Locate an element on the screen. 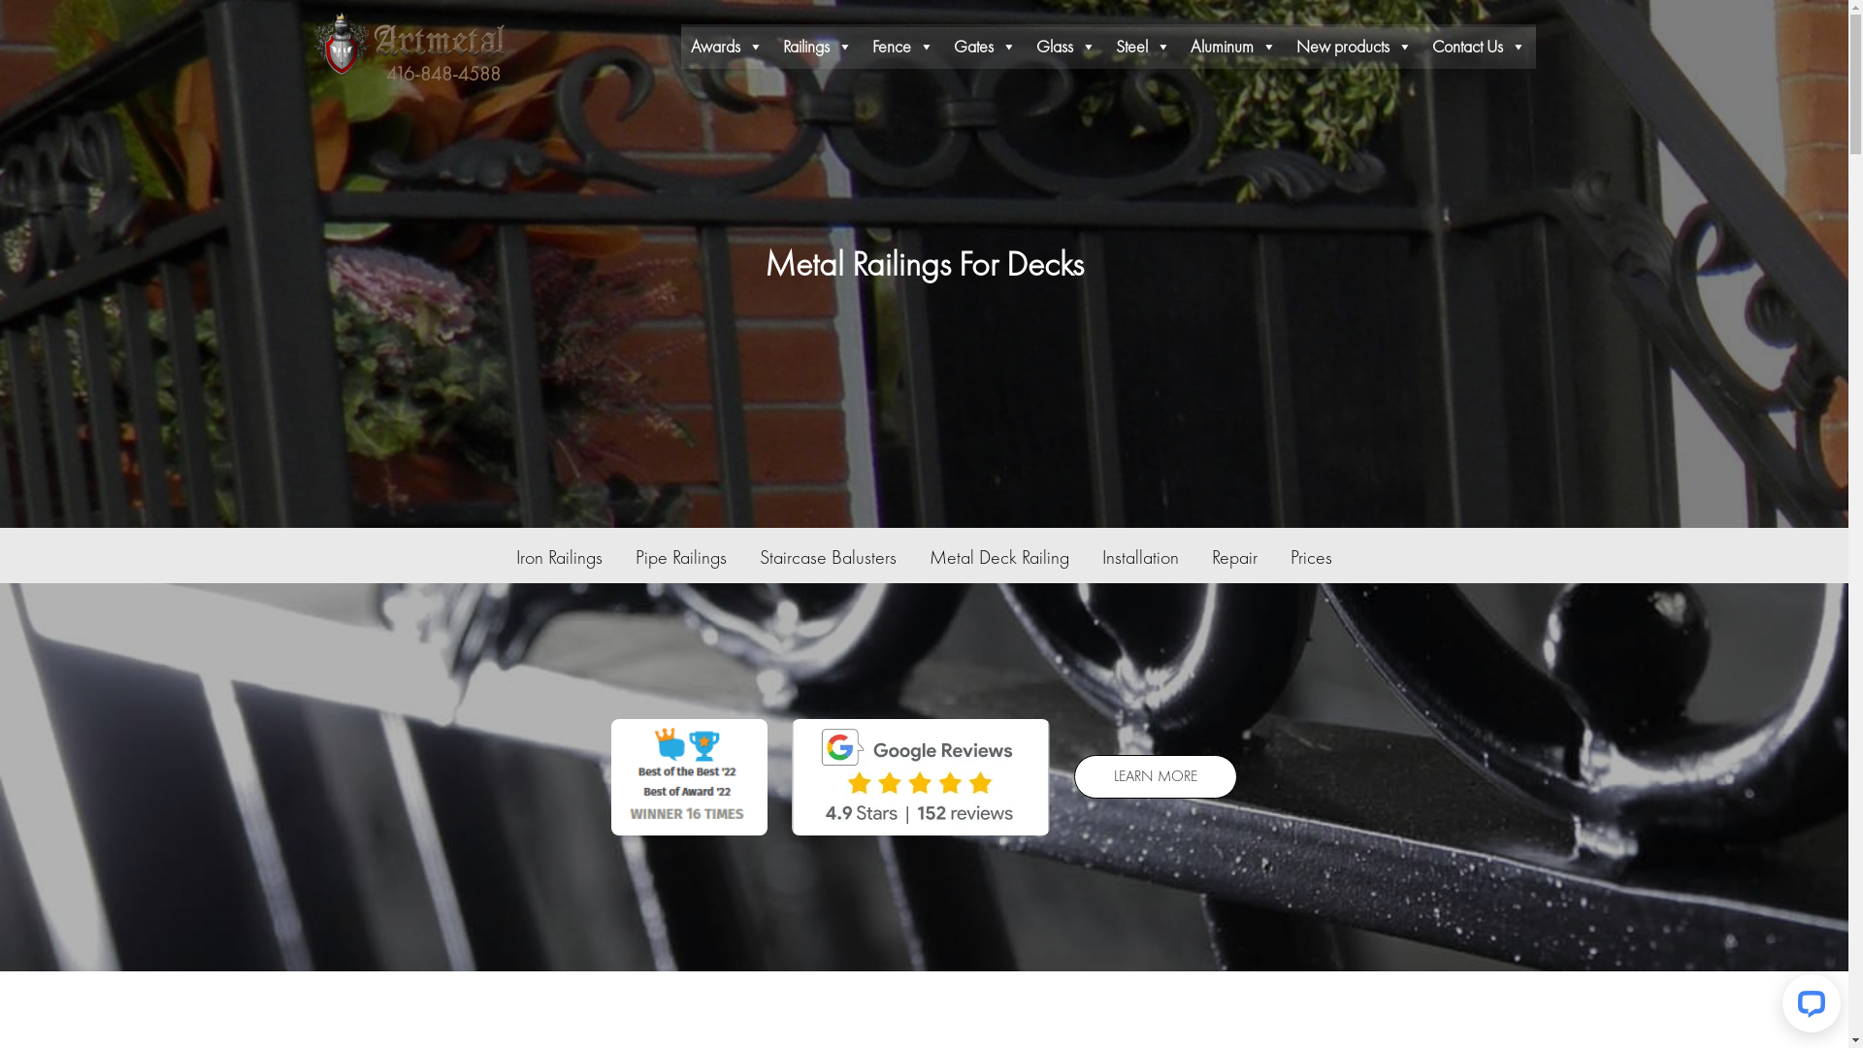 This screenshot has height=1048, width=1863. 'Awards' is located at coordinates (726, 45).